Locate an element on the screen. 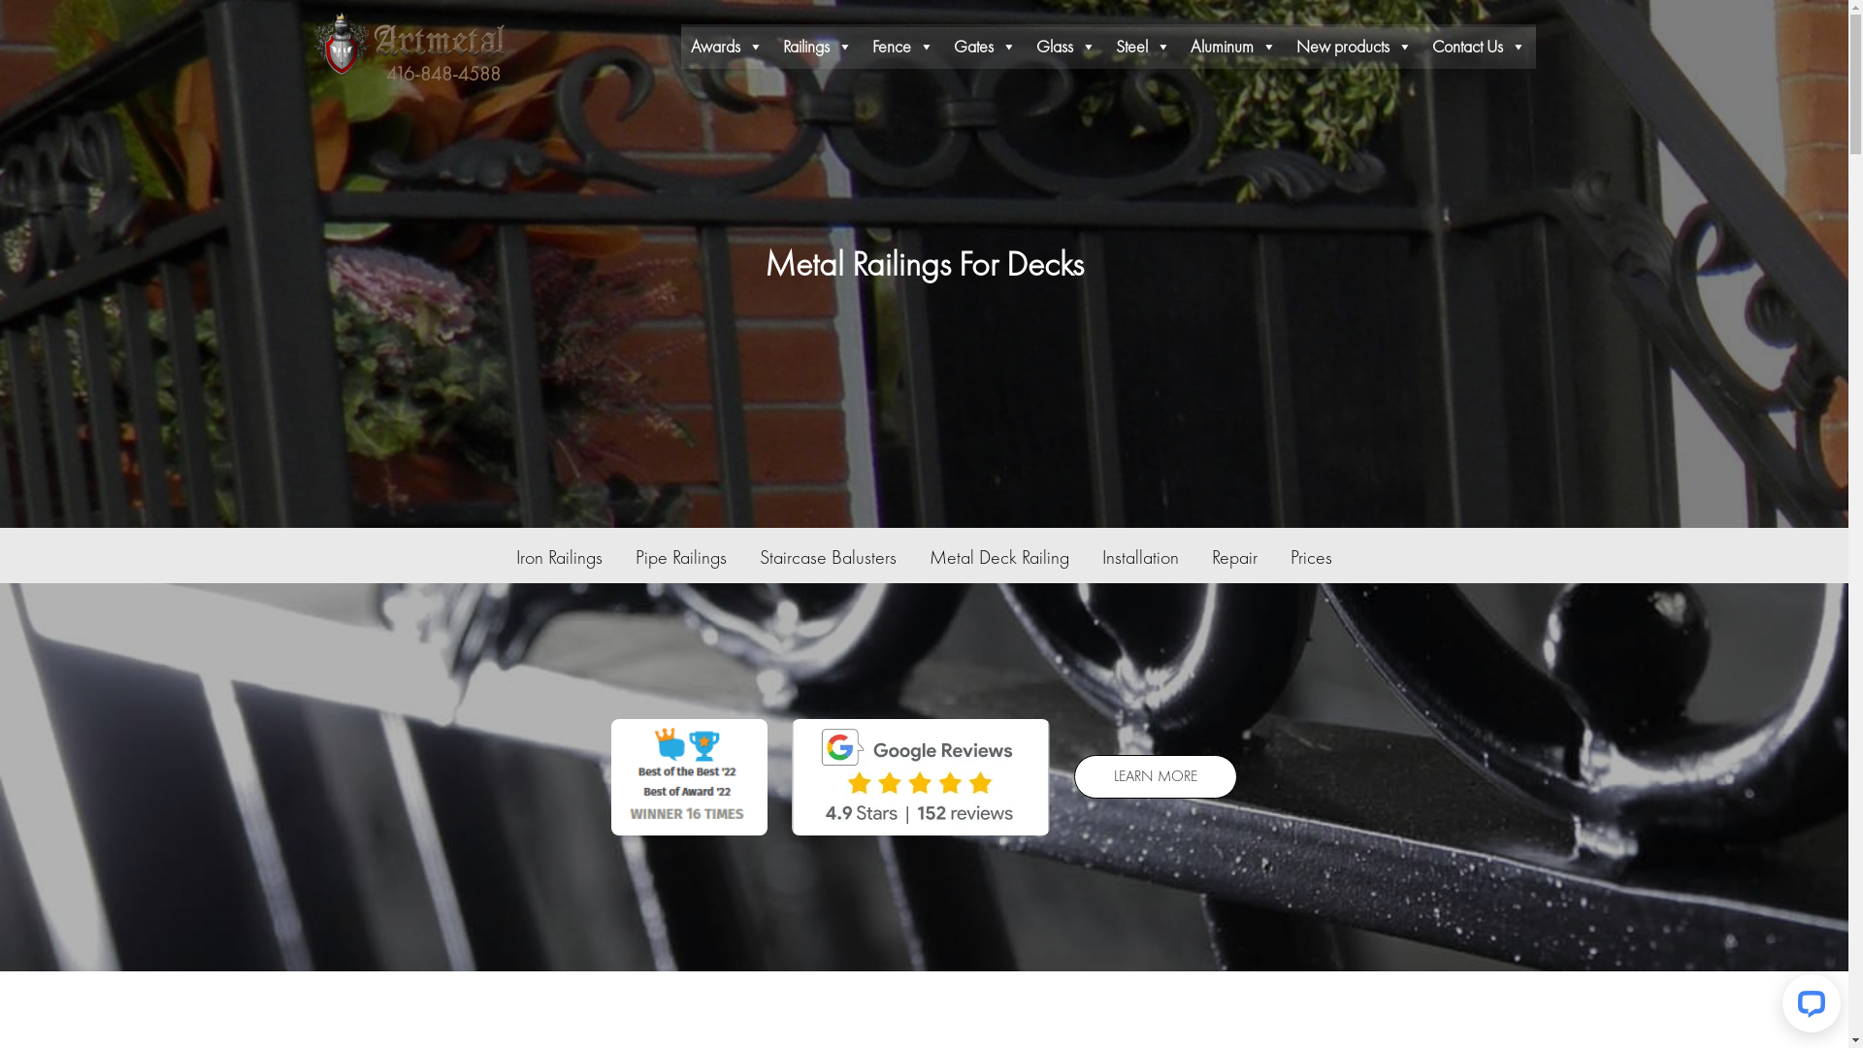 This screenshot has height=1048, width=1863. 'Awards' is located at coordinates (726, 45).